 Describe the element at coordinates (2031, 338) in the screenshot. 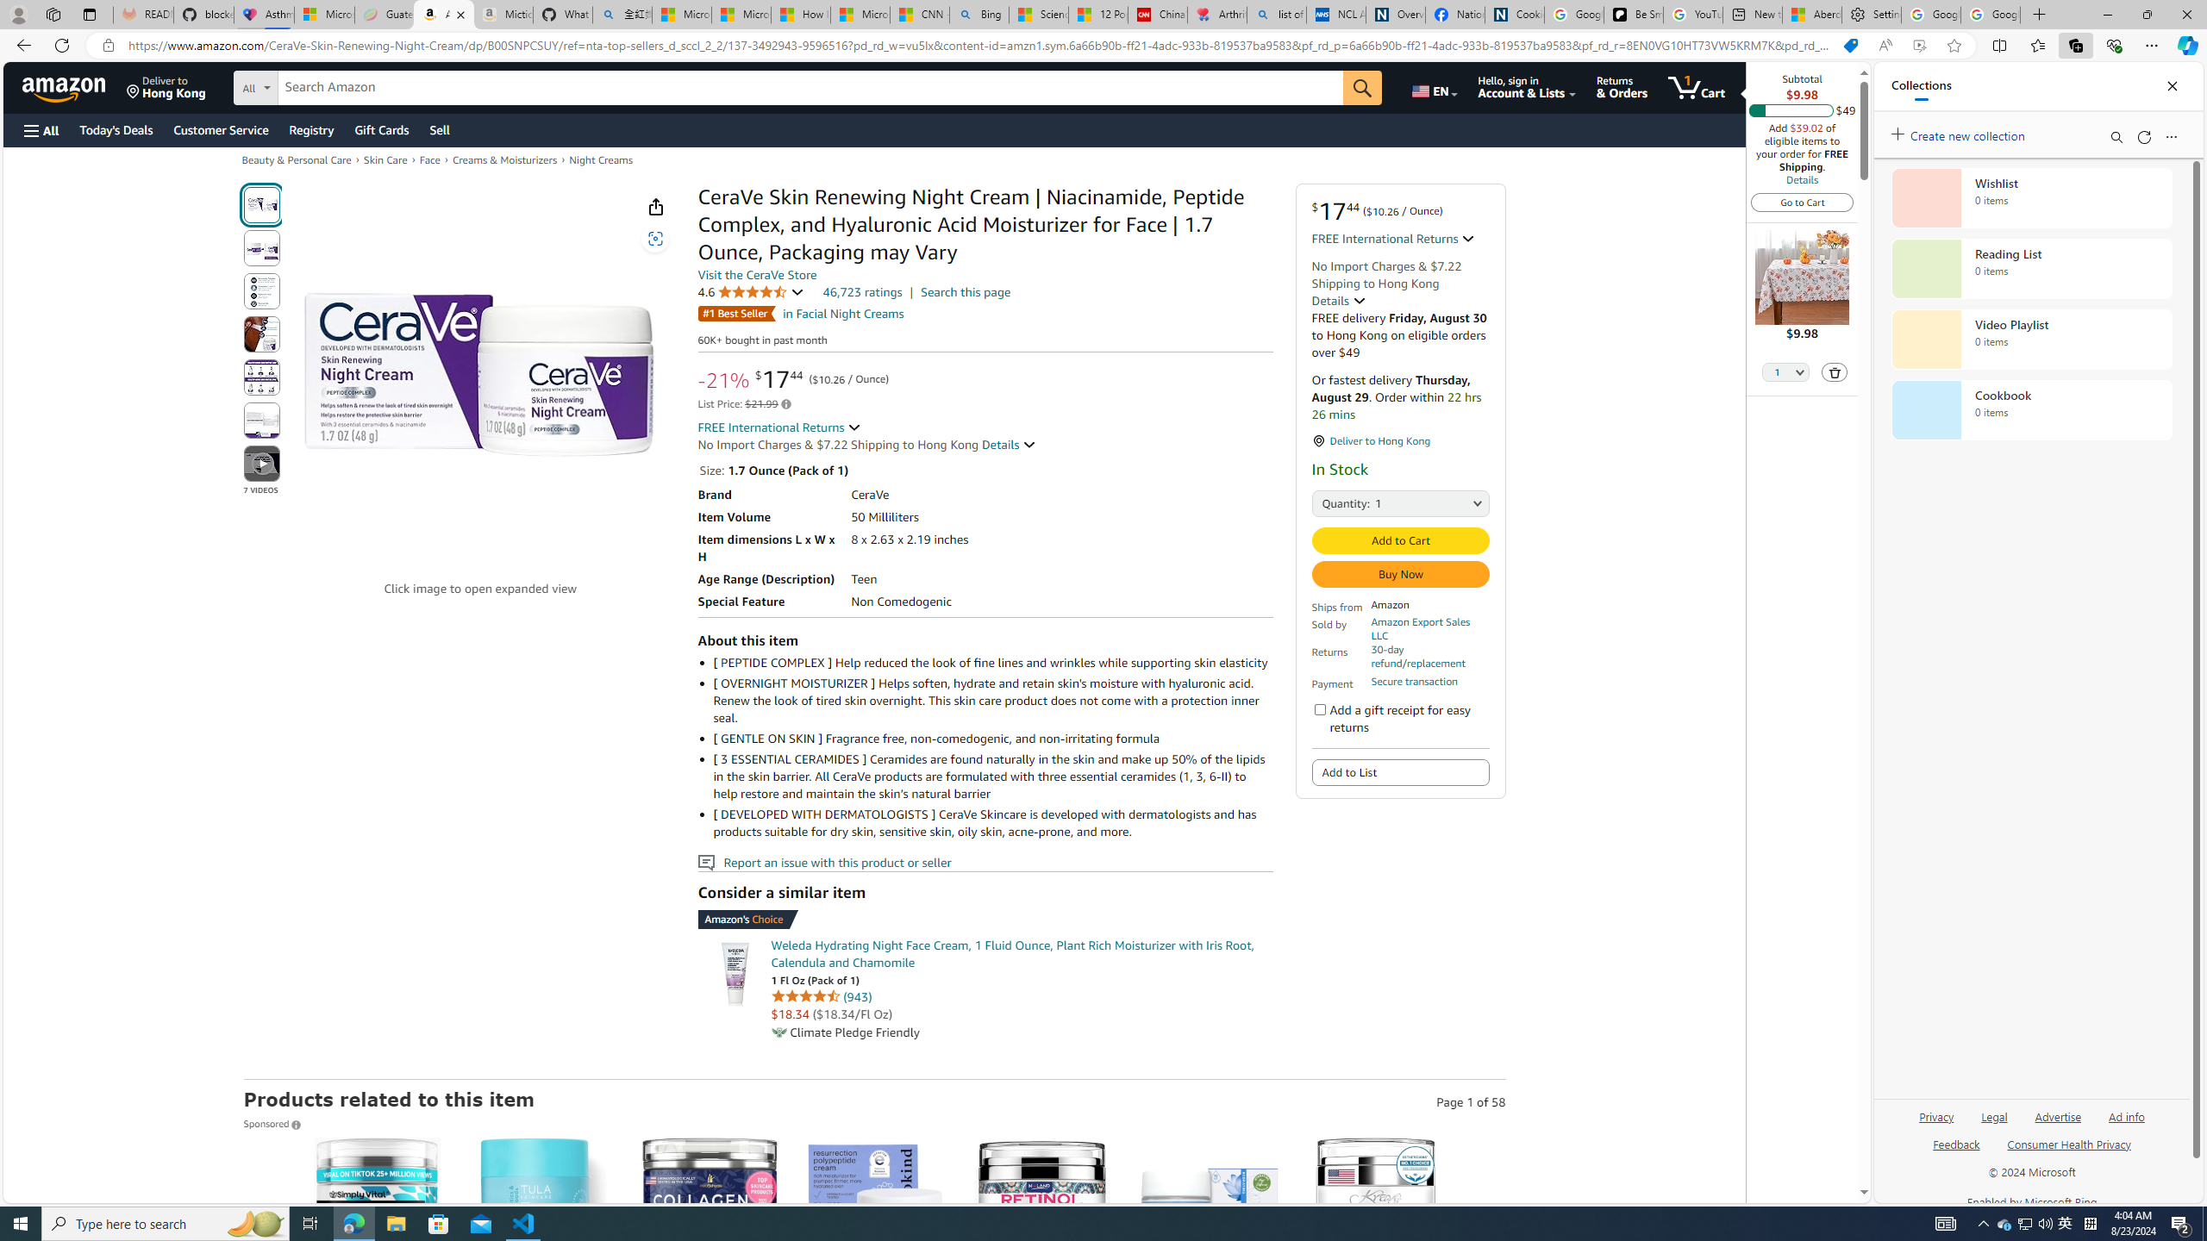

I see `'Video Playlist collection, 0 items'` at that location.